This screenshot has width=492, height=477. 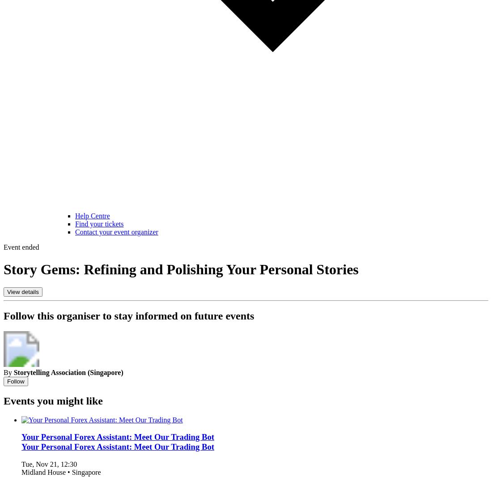 I want to click on 'Story Gems: Refining and Polishing Your Personal Stories', so click(x=3, y=268).